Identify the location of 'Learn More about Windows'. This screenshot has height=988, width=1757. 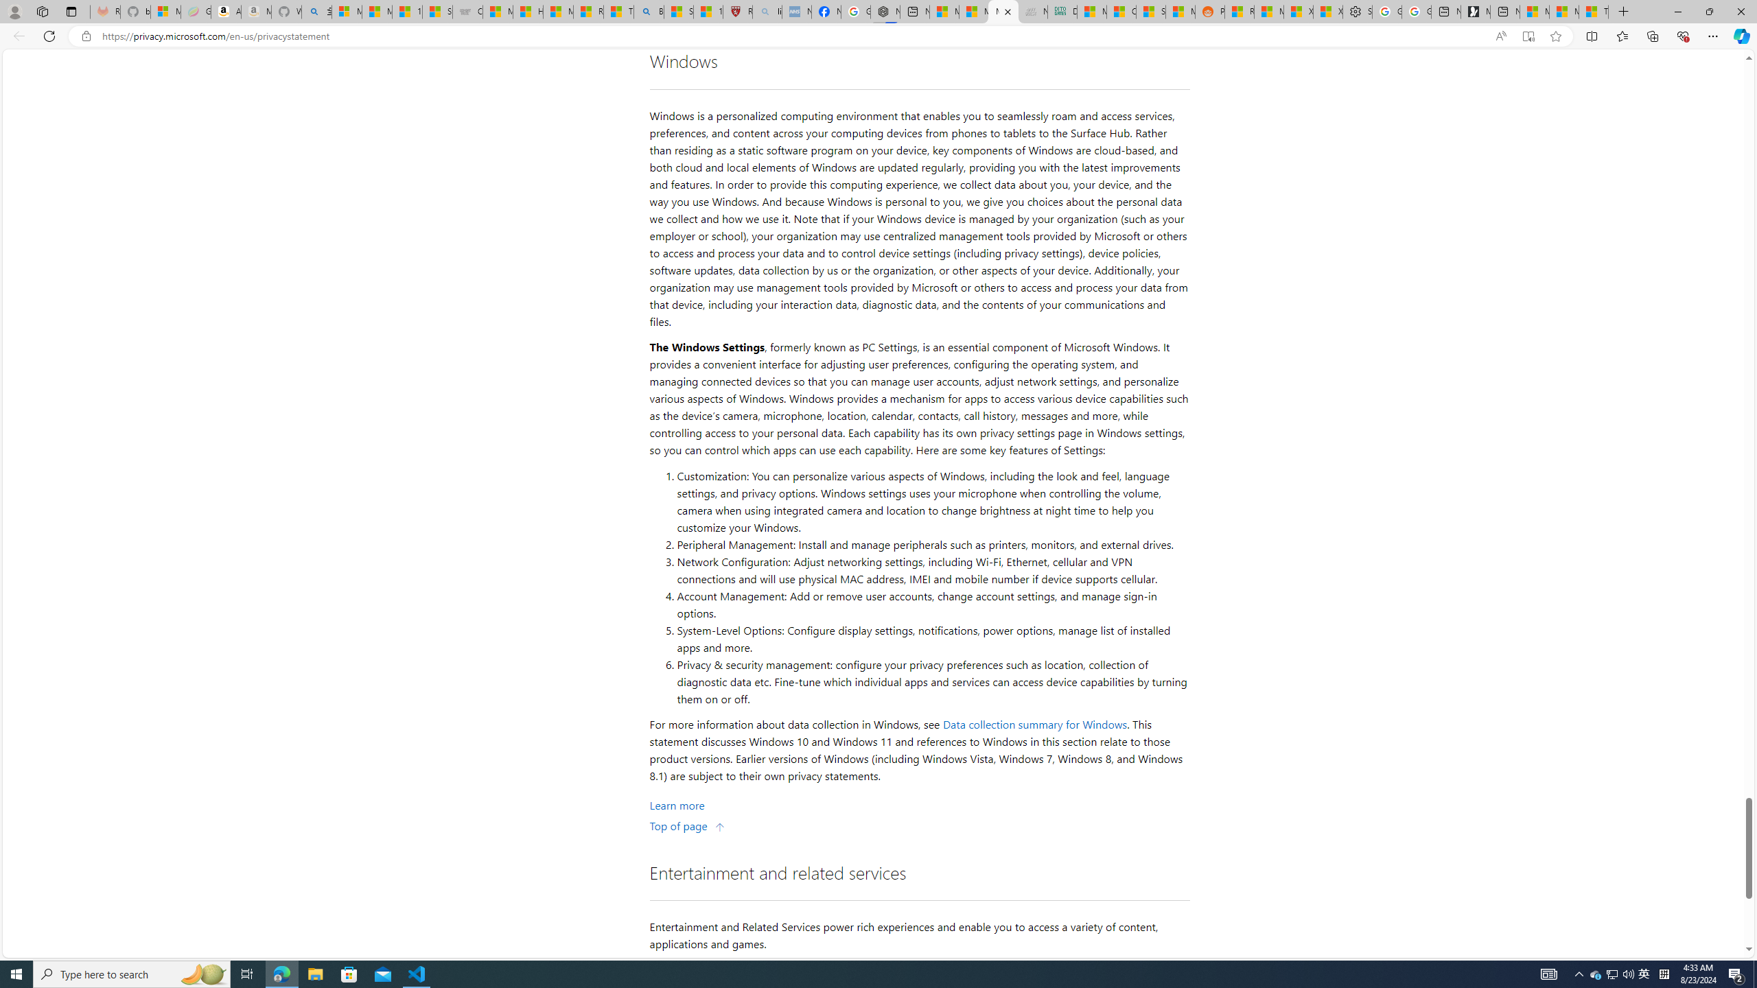
(677, 804).